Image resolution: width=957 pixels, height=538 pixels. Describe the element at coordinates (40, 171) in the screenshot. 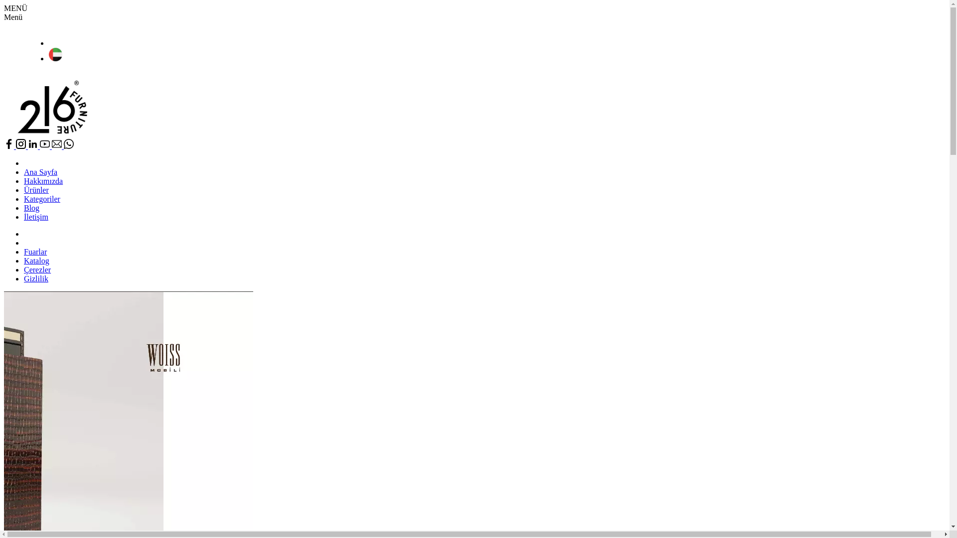

I see `'Ana Sayfa'` at that location.